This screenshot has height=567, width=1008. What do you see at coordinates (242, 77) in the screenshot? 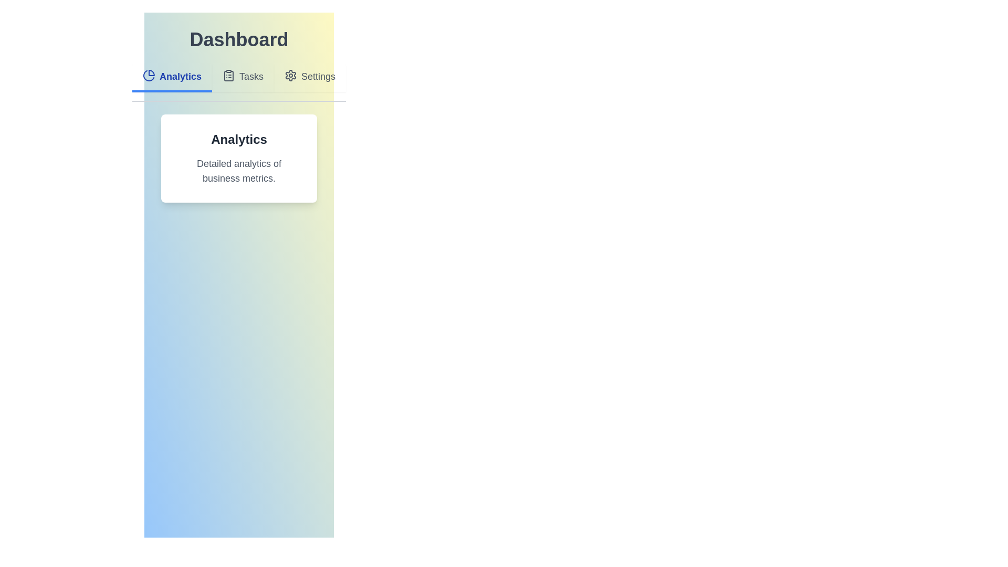
I see `the Tasks tab to observe its hover effect` at bounding box center [242, 77].